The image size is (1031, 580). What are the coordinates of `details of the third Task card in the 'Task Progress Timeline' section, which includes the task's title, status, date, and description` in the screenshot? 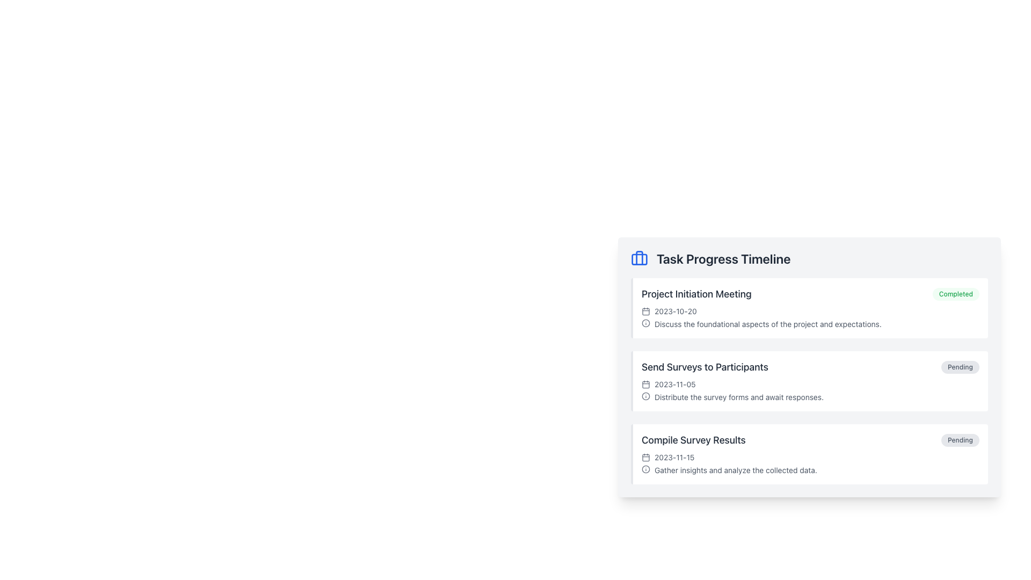 It's located at (809, 454).